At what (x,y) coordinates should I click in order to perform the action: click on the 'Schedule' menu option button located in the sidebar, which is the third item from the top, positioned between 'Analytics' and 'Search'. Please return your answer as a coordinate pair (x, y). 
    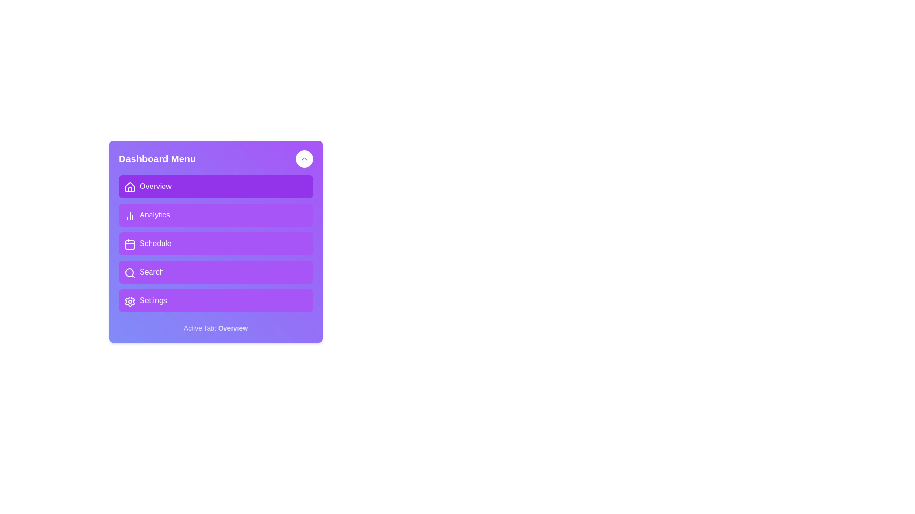
    Looking at the image, I should click on (215, 243).